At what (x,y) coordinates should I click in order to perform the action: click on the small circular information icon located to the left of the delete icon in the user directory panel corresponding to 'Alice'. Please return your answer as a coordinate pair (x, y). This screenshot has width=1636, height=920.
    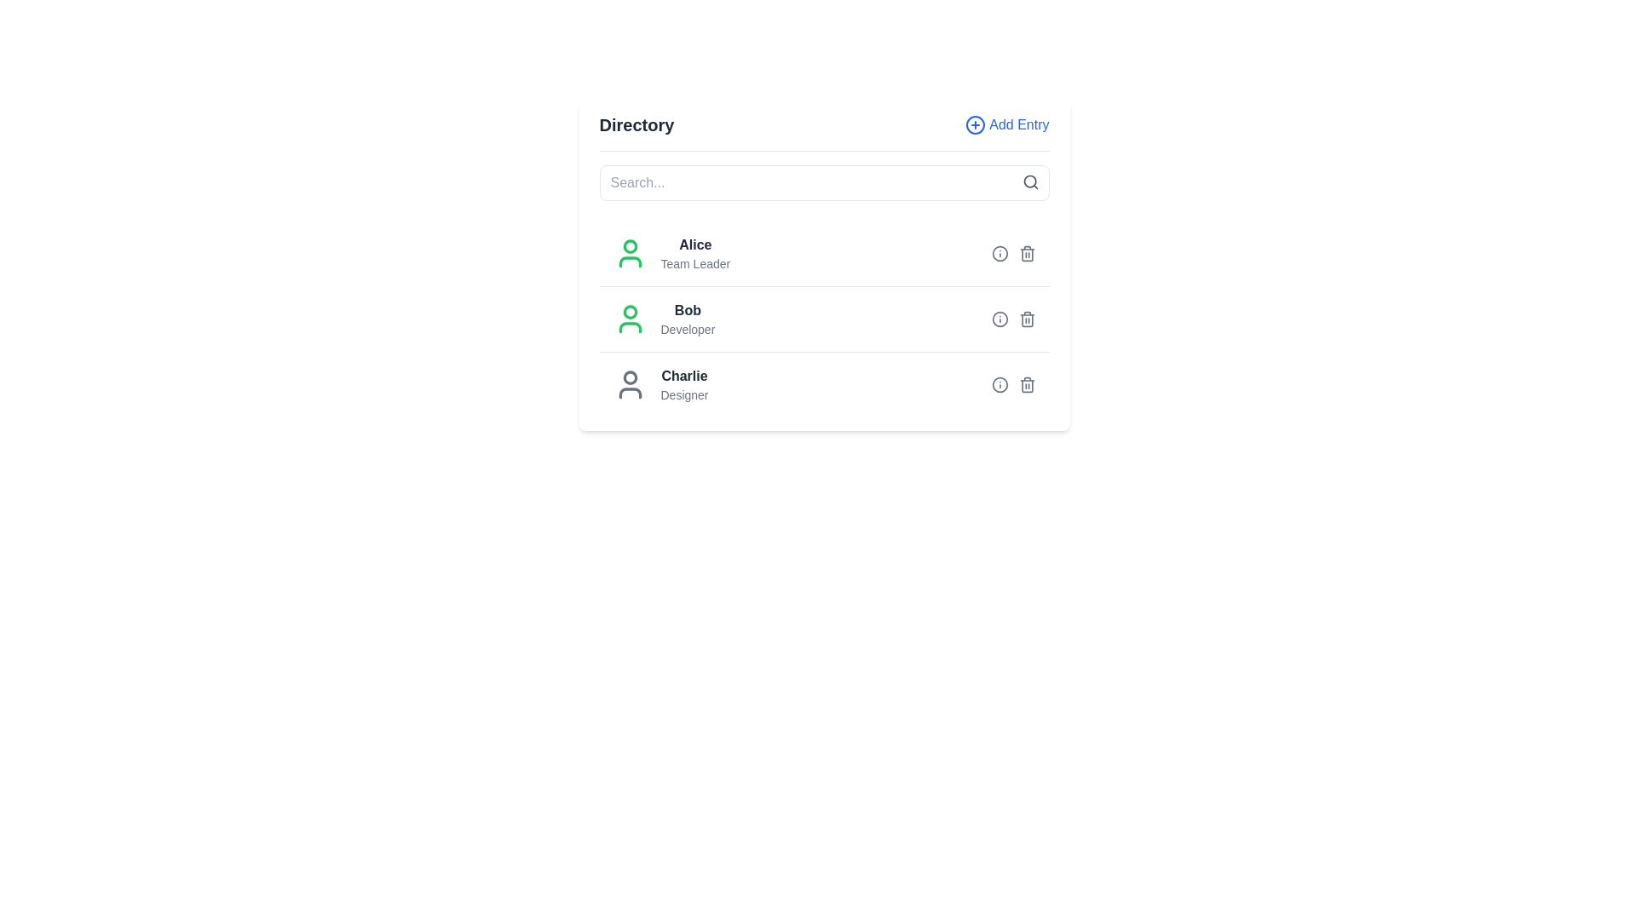
    Looking at the image, I should click on (999, 253).